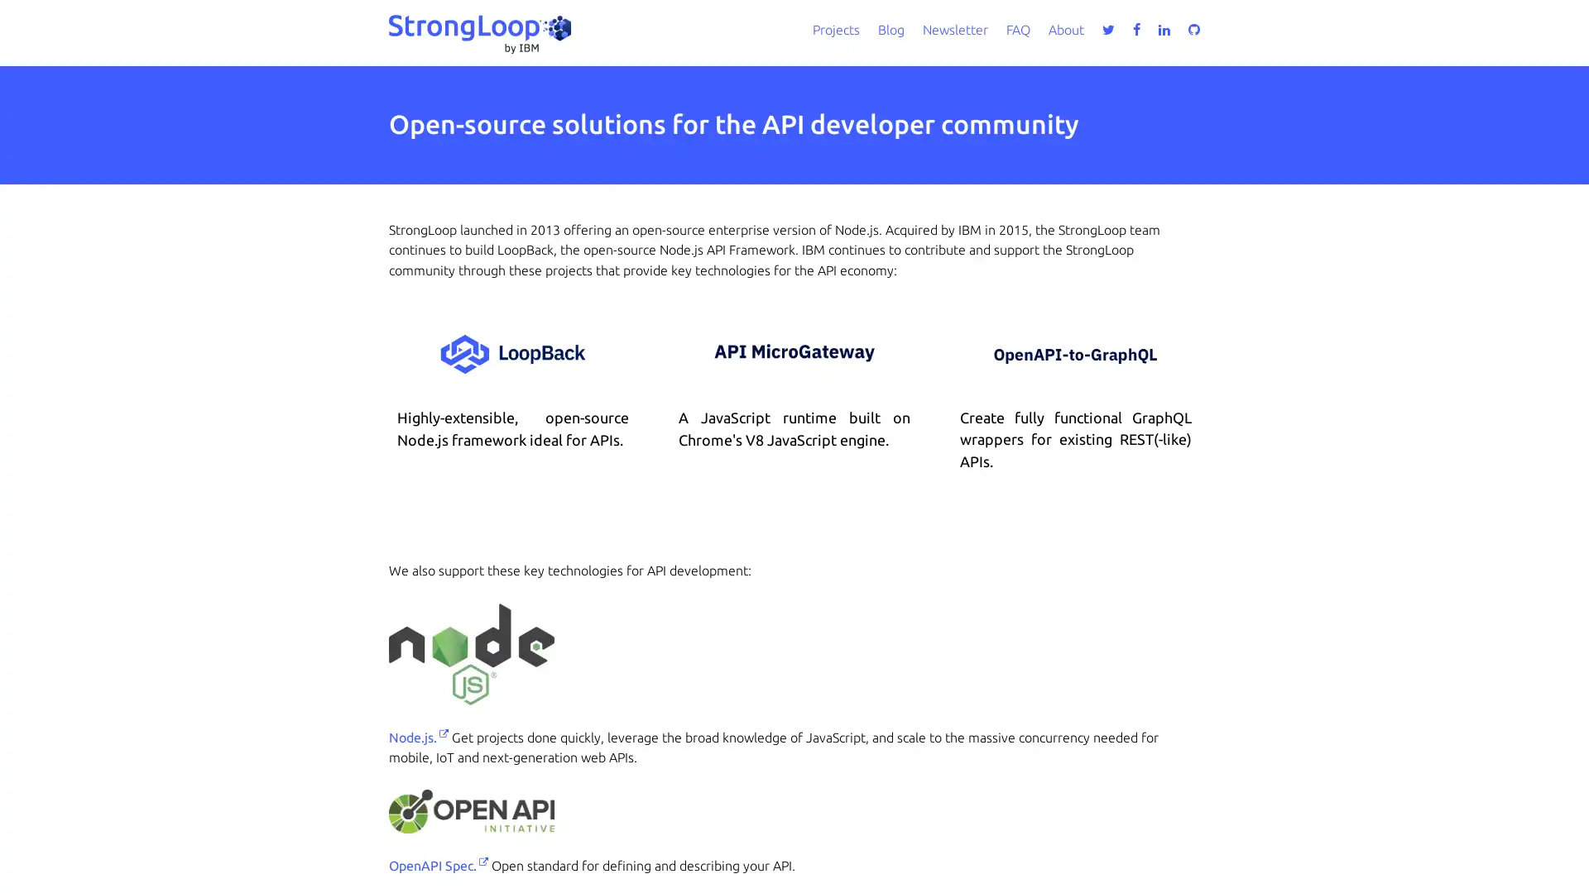  What do you see at coordinates (1455, 838) in the screenshot?
I see `Do not sell my personal information` at bounding box center [1455, 838].